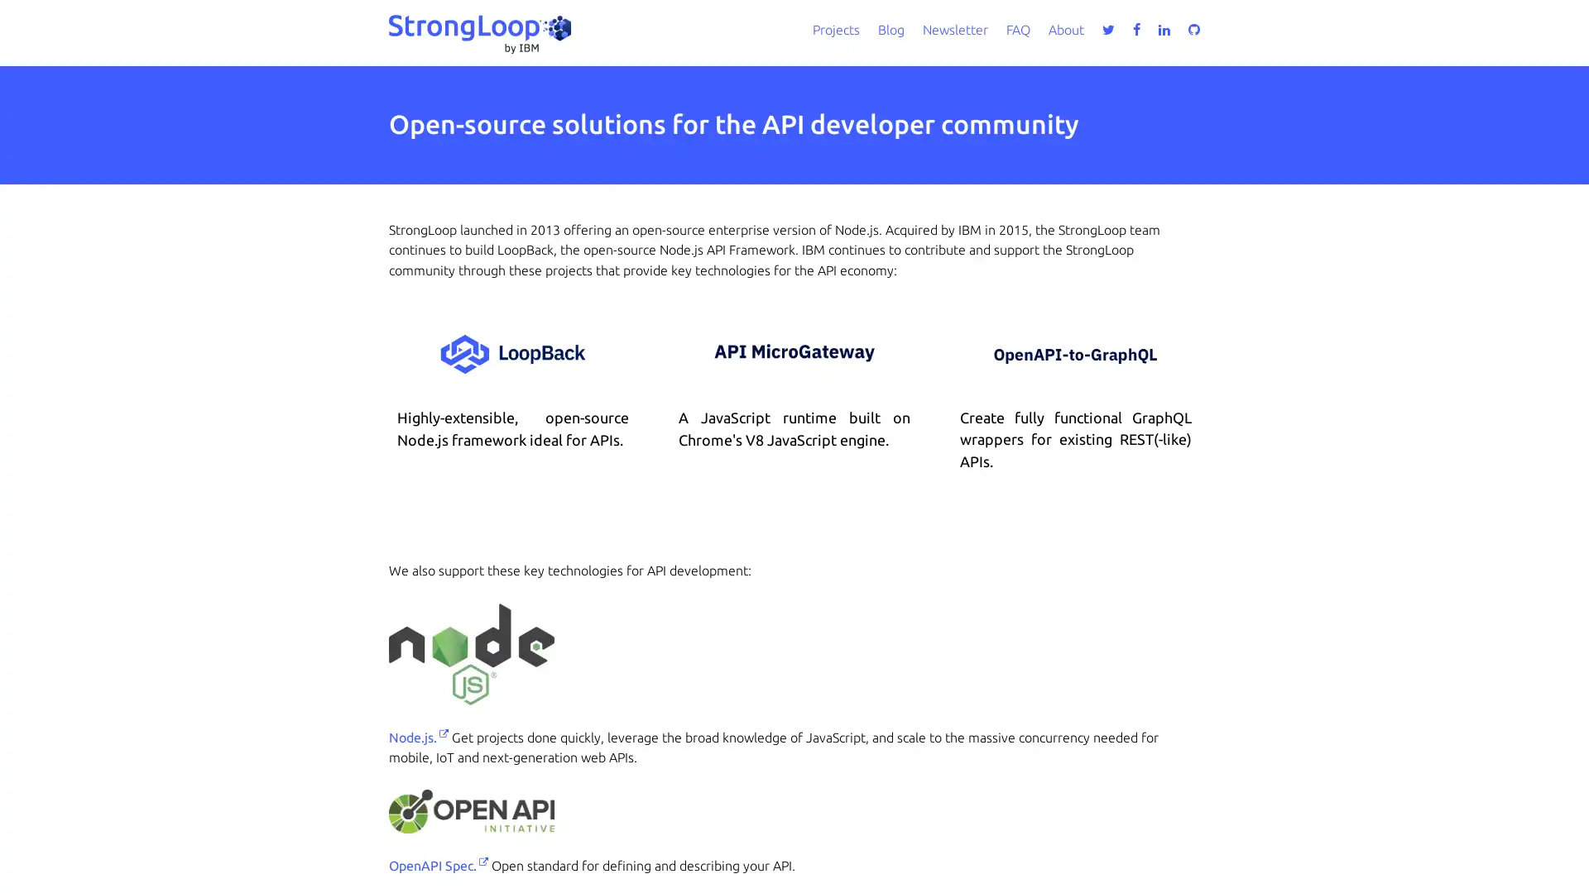  What do you see at coordinates (1455, 838) in the screenshot?
I see `Do not sell my personal information` at bounding box center [1455, 838].